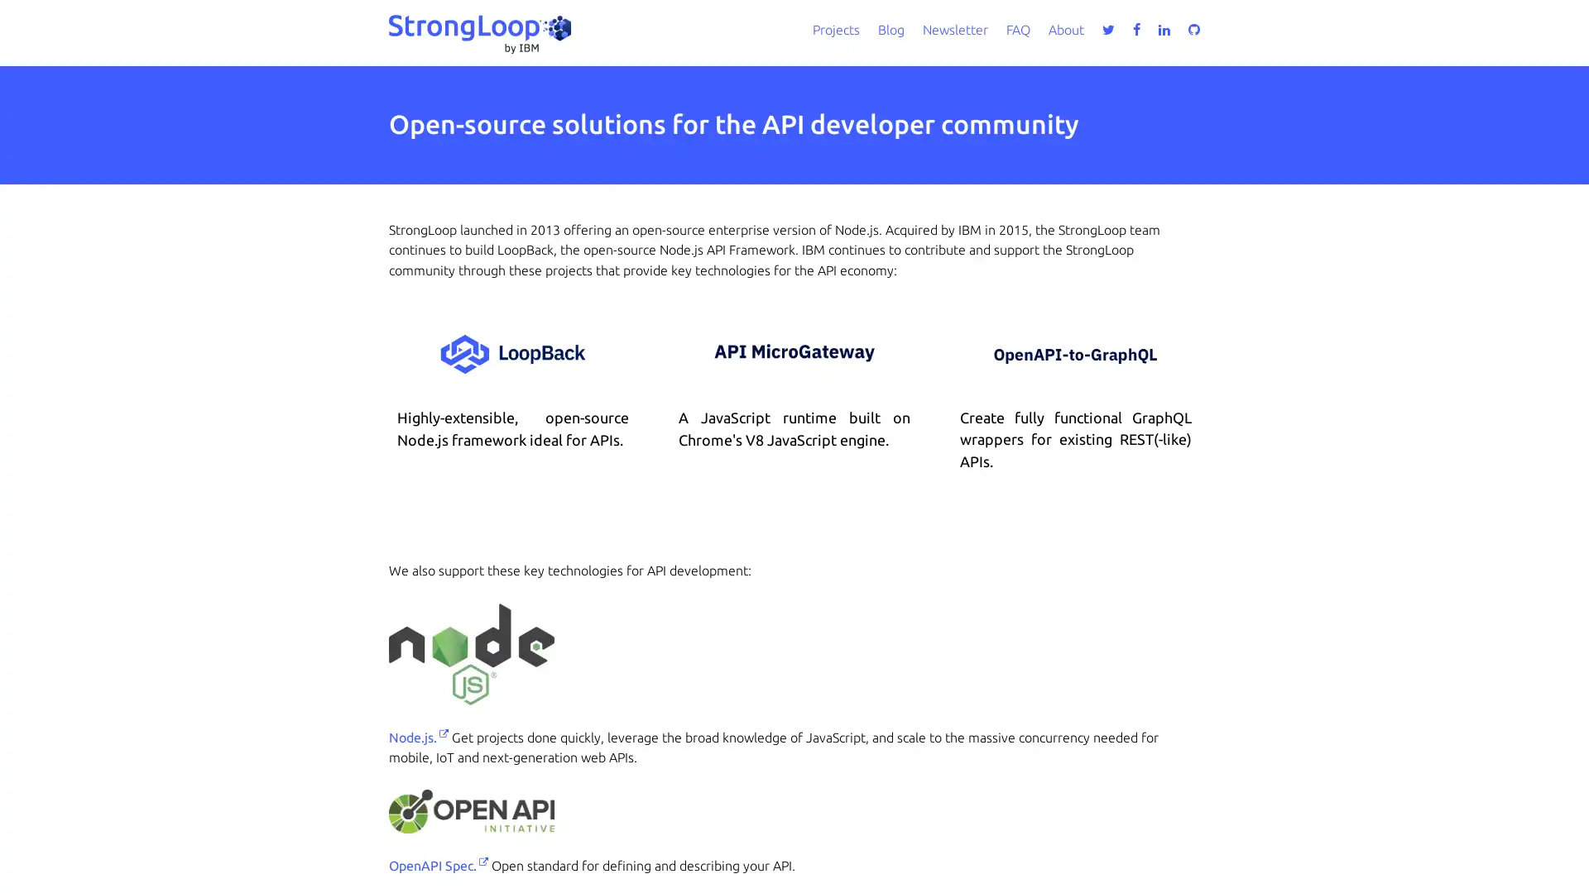  What do you see at coordinates (1455, 838) in the screenshot?
I see `Do not sell my personal information` at bounding box center [1455, 838].